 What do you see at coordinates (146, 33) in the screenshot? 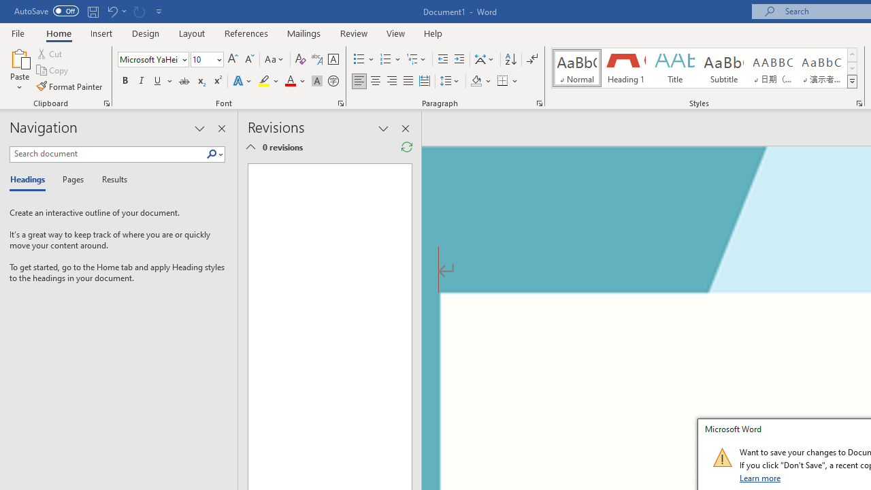
I see `'Design'` at bounding box center [146, 33].